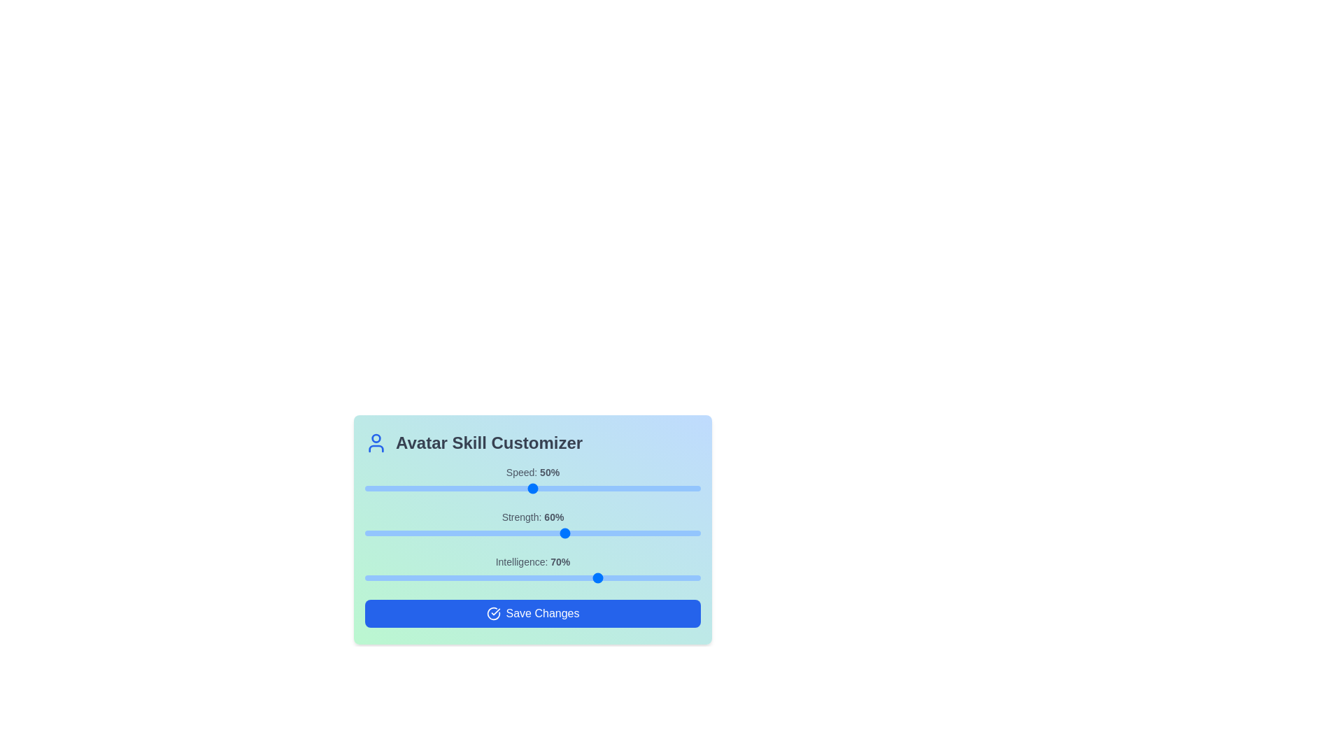 The height and width of the screenshot is (755, 1343). Describe the element at coordinates (639, 533) in the screenshot. I see `strength` at that location.